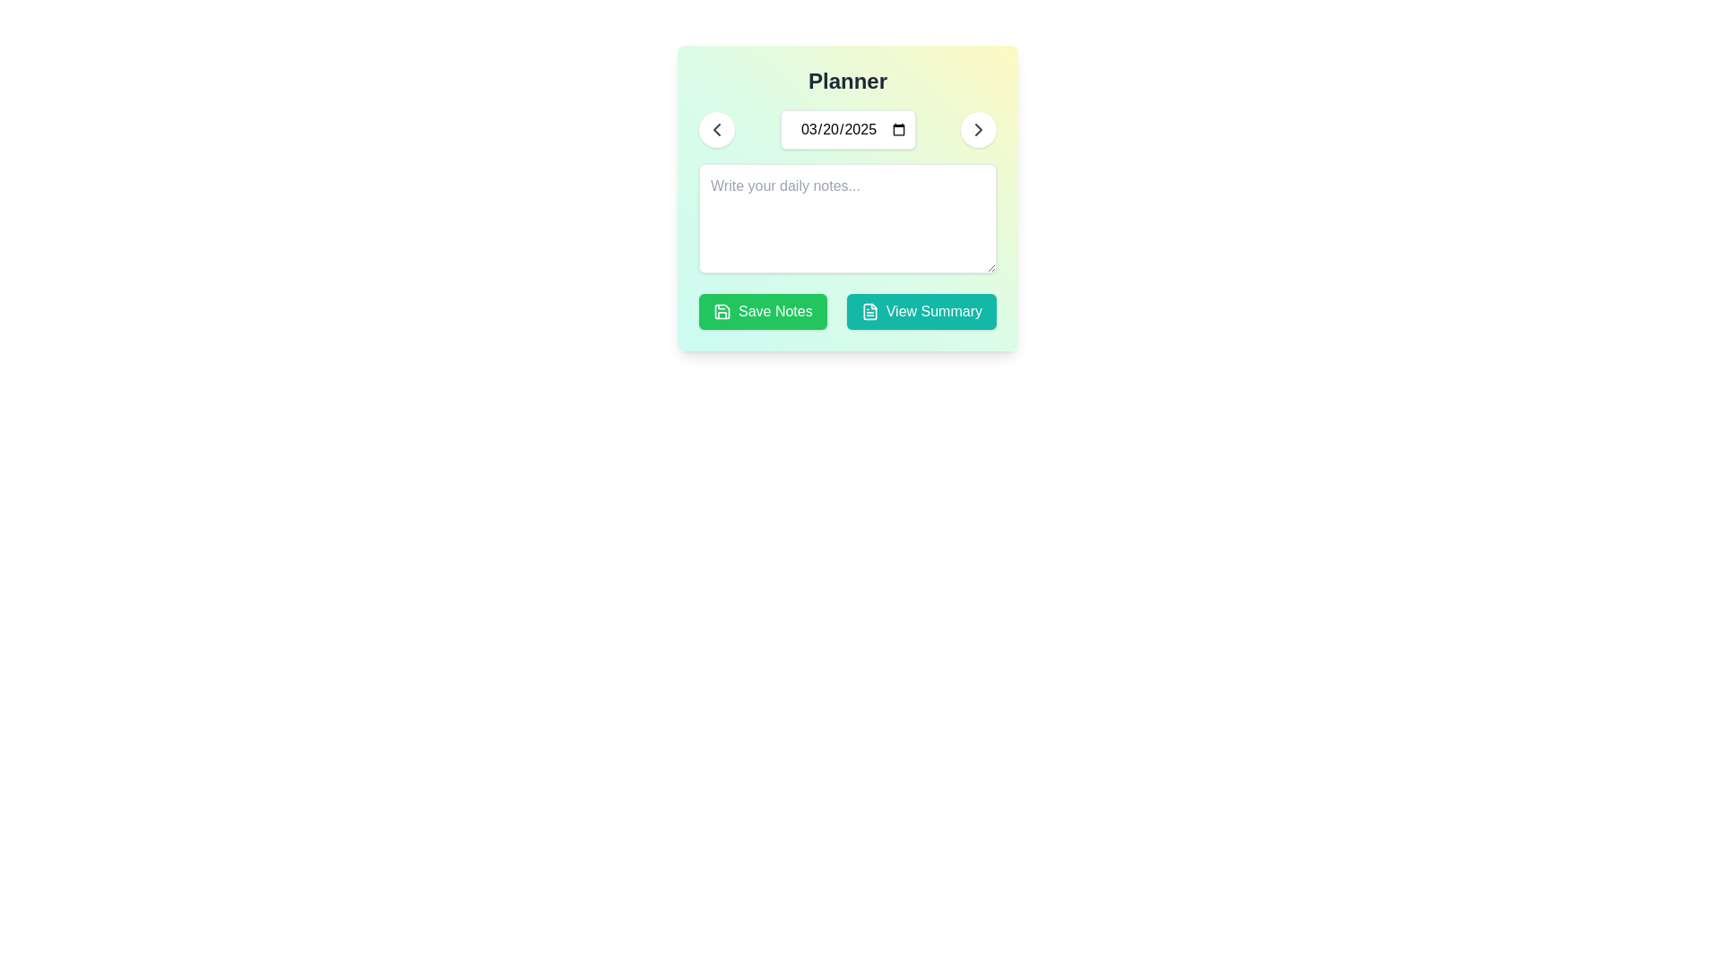  Describe the element at coordinates (763, 310) in the screenshot. I see `the green 'Save Notes' button with white rounded text and a floppy disk icon, located at the bottom left of the card interface` at that location.